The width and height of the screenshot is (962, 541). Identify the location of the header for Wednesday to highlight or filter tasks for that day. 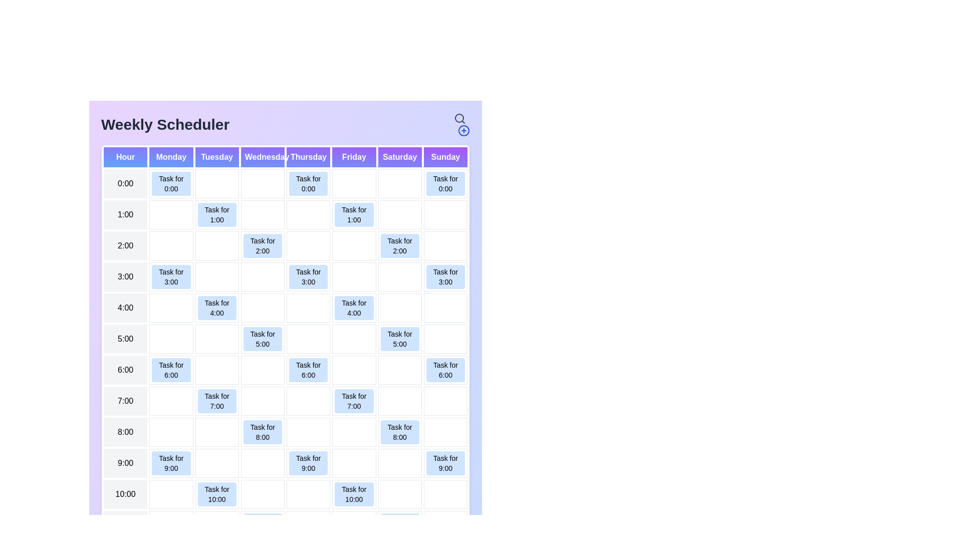
(263, 157).